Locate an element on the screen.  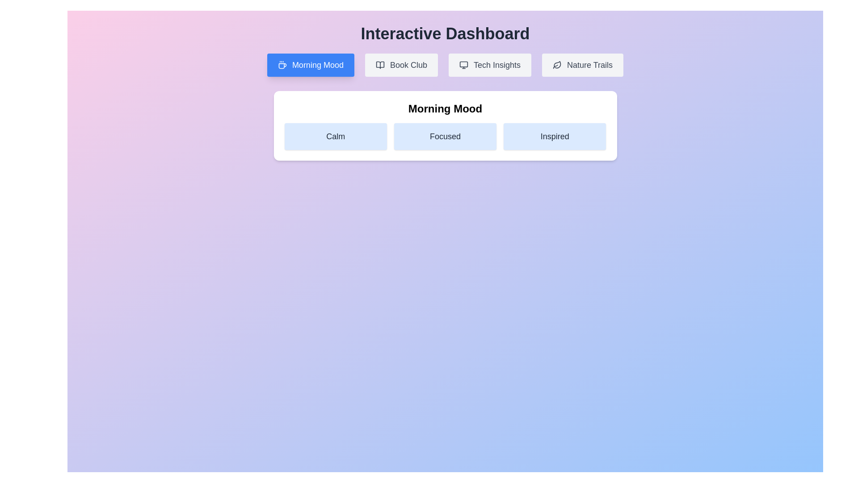
the 'Focused' mood option in the 'Morning Mood' selection interface, which is a Static Text element located between 'Calm' and 'Inspired' is located at coordinates (445, 136).